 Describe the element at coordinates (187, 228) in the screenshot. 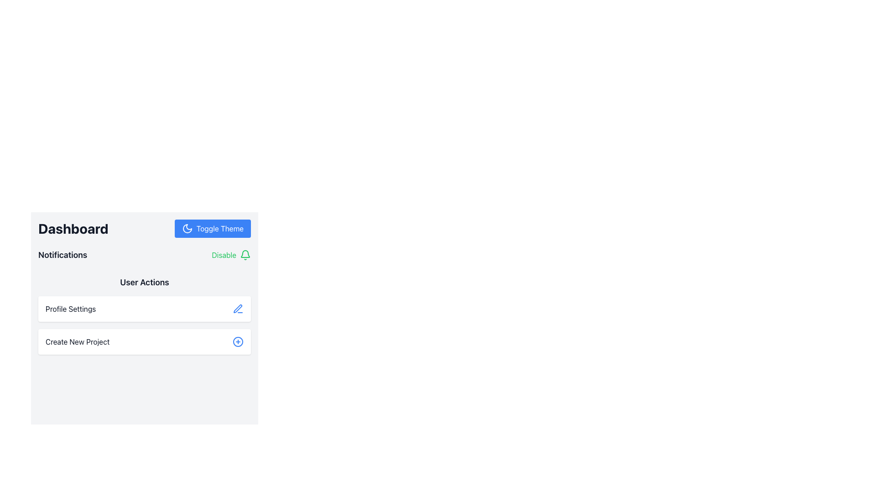

I see `the crescent moon icon within the 'Toggle Theme' button located at the top-right corner of the 'Dashboard' section` at that location.